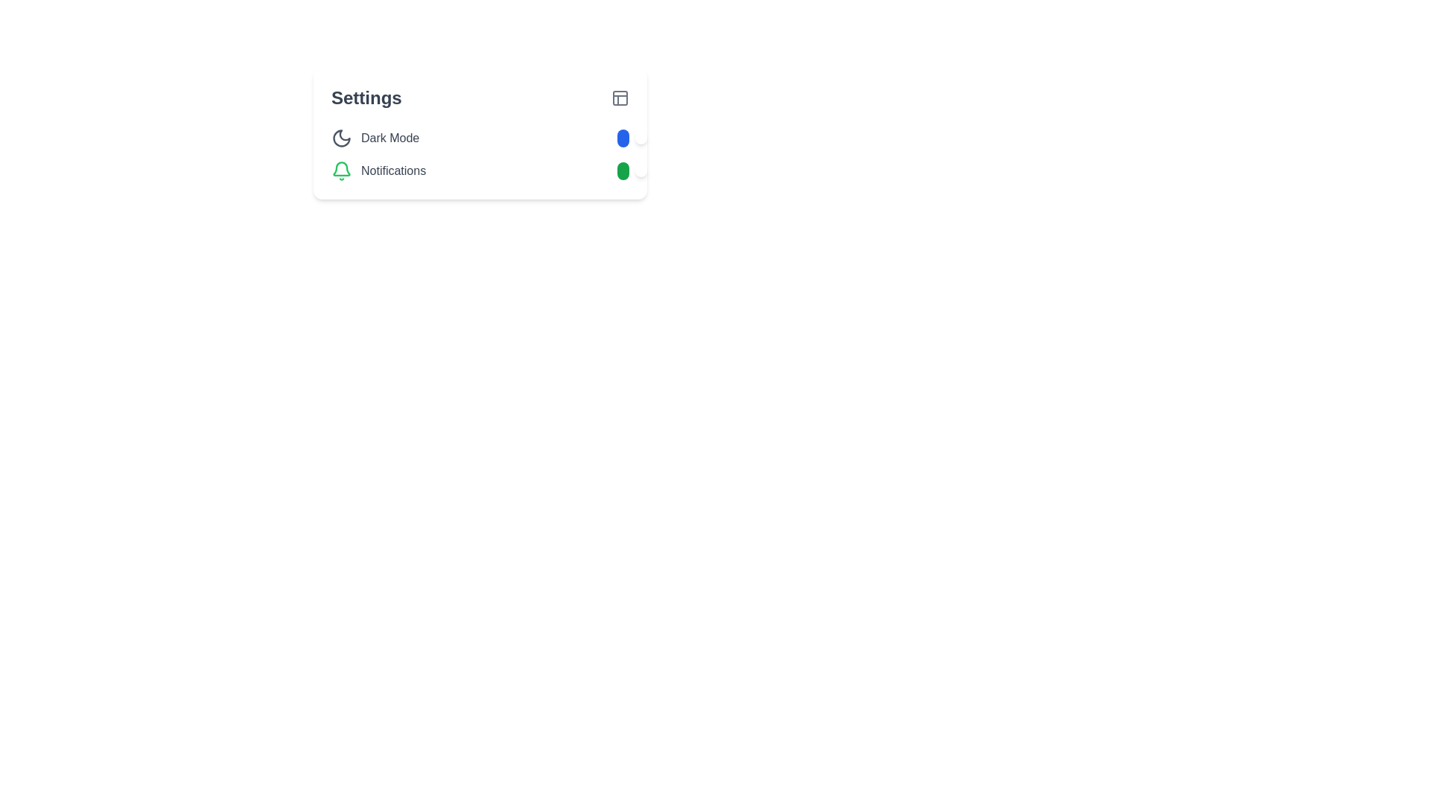 The image size is (1430, 804). Describe the element at coordinates (641, 170) in the screenshot. I see `the toggle switch handle for the 'Notifications' setting, which is located in the bottom right corner of the interface` at that location.